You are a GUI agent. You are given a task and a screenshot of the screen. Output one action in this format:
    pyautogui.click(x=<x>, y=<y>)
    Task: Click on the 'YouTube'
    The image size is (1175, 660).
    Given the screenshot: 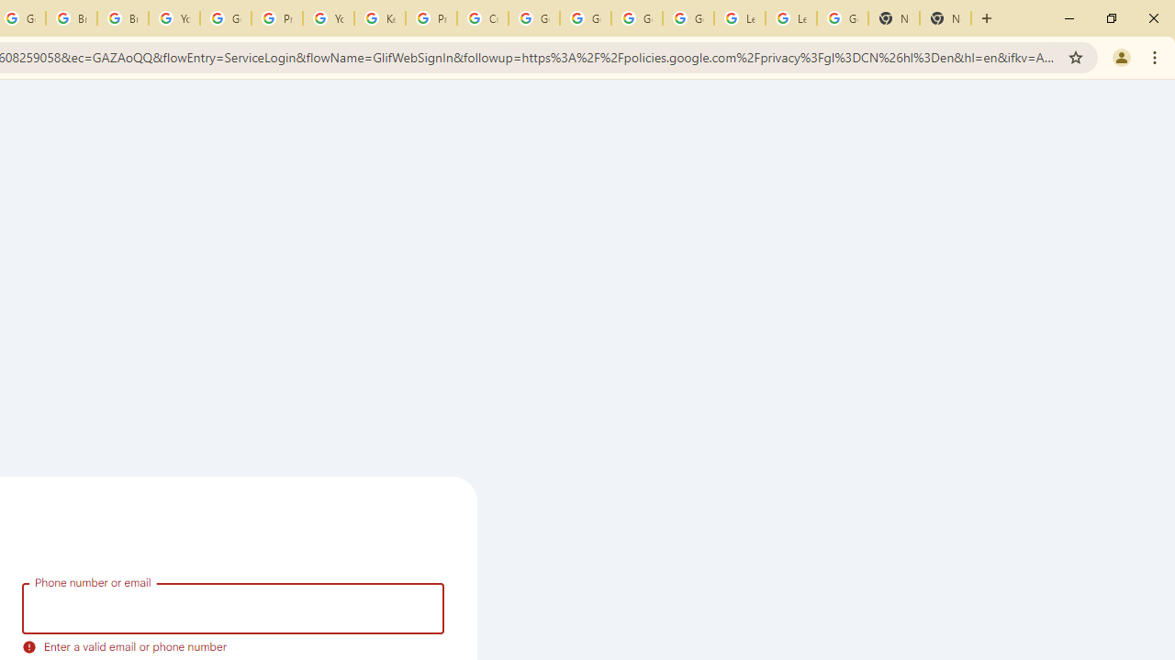 What is the action you would take?
    pyautogui.click(x=329, y=18)
    